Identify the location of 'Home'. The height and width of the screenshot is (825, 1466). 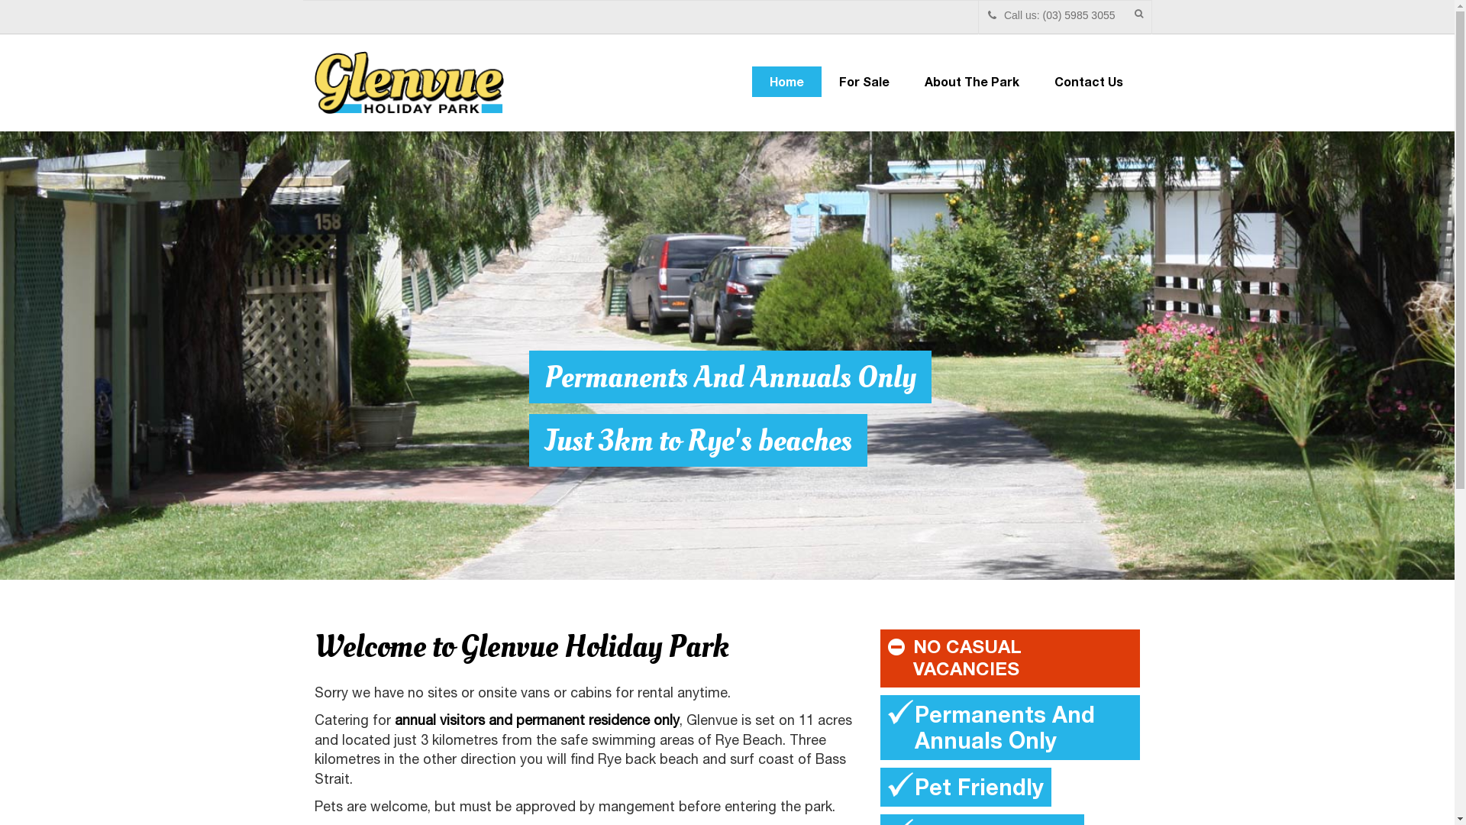
(786, 82).